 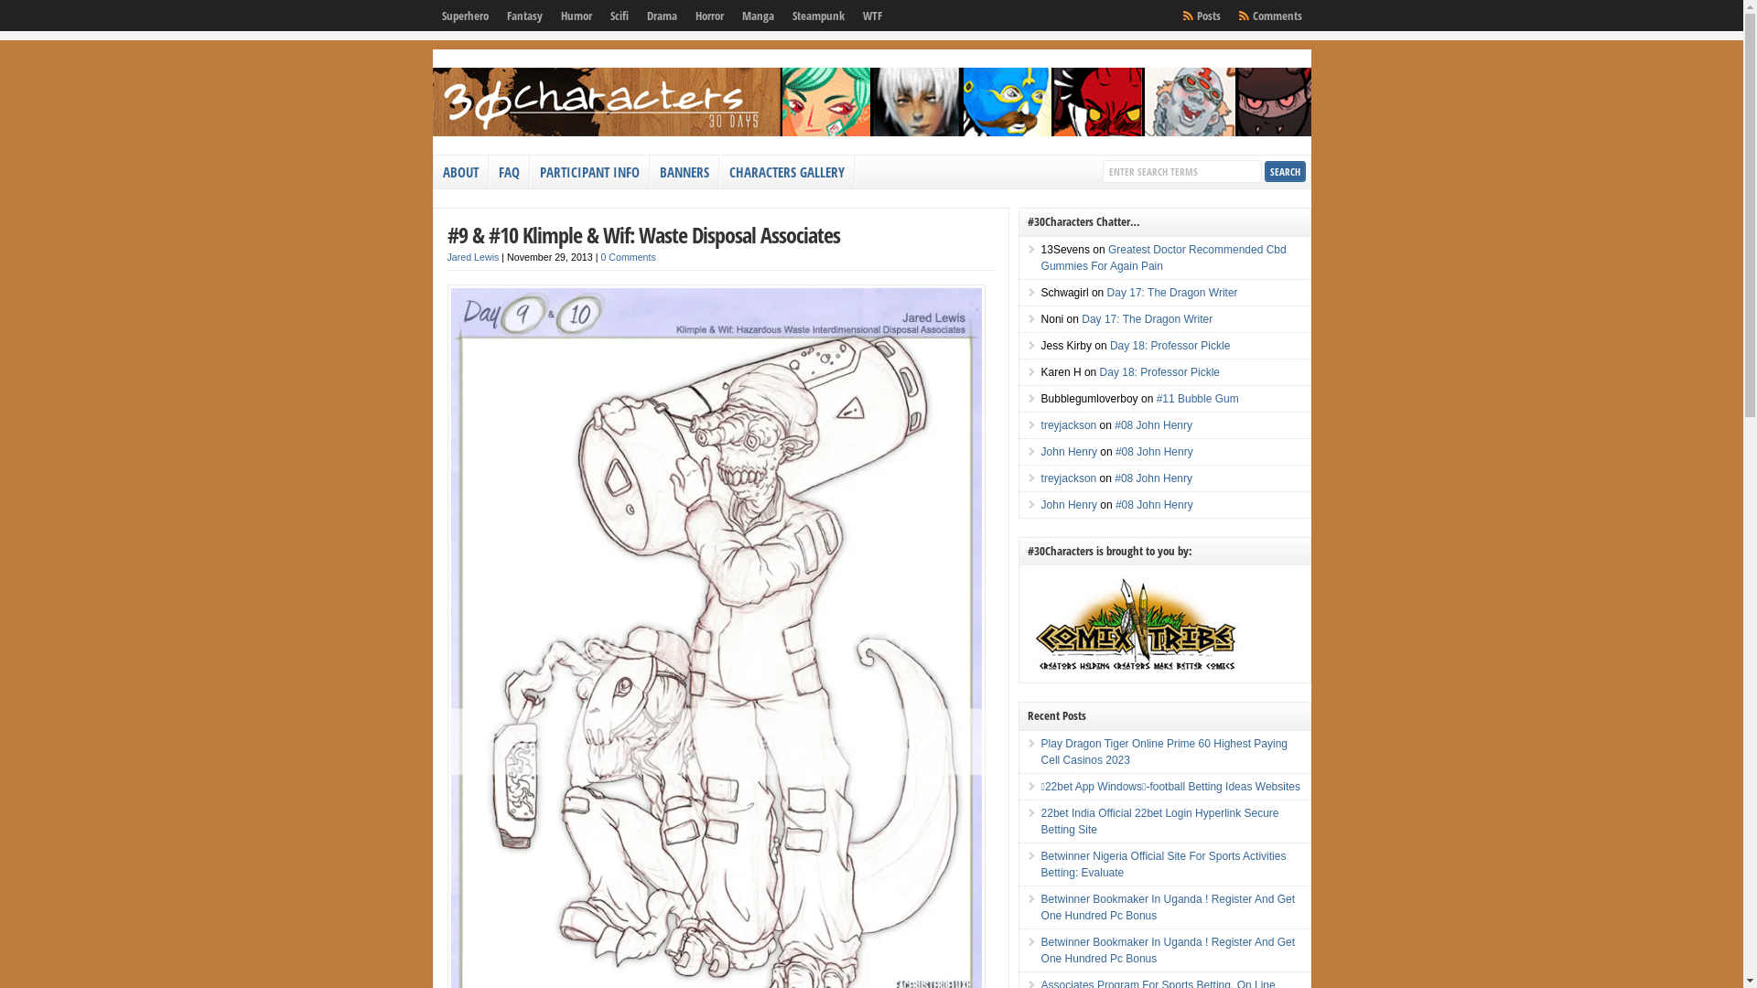 What do you see at coordinates (461, 172) in the screenshot?
I see `'ABOUT'` at bounding box center [461, 172].